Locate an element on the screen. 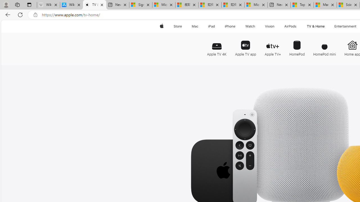 This screenshot has height=202, width=360. 'Class: globalnav-submenu-trigger-item' is located at coordinates (326, 26).